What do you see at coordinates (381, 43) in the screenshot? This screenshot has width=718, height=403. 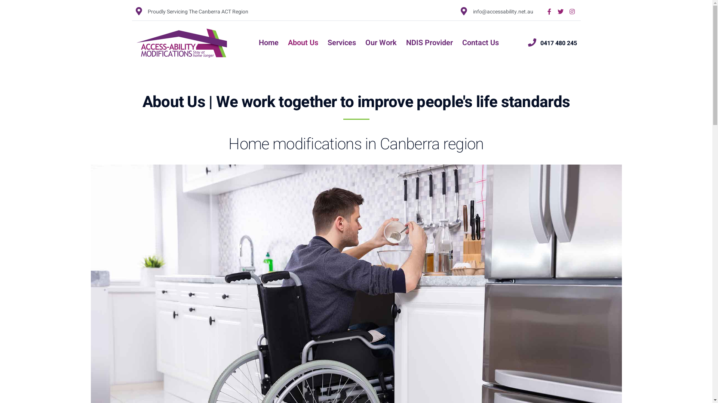 I see `'Our Work'` at bounding box center [381, 43].